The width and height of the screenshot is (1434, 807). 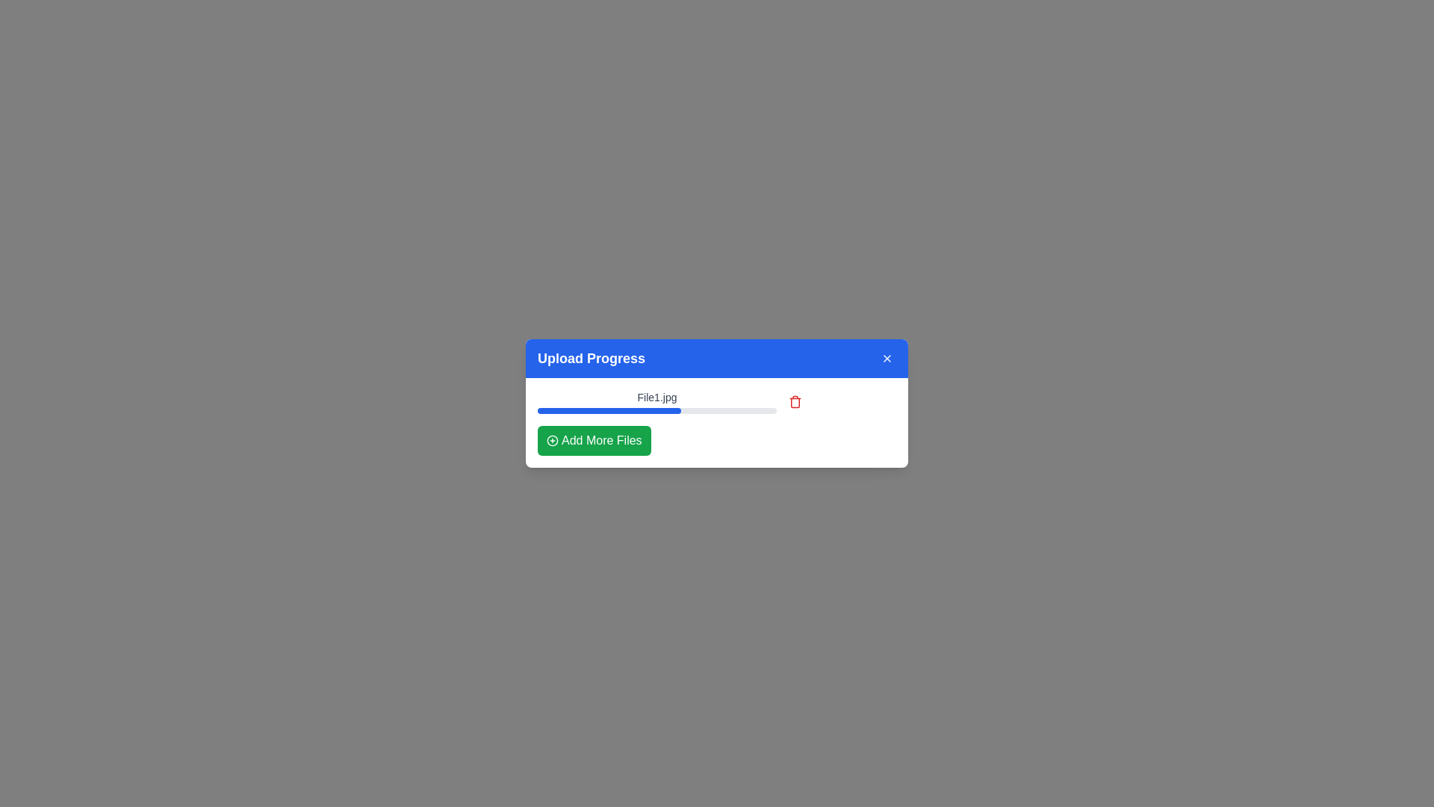 What do you see at coordinates (717, 403) in the screenshot?
I see `the progress bar updates in the 'Upload Progress' dialog box, which features a white background, a blue title bar, and a green 'Add More Files' button` at bounding box center [717, 403].